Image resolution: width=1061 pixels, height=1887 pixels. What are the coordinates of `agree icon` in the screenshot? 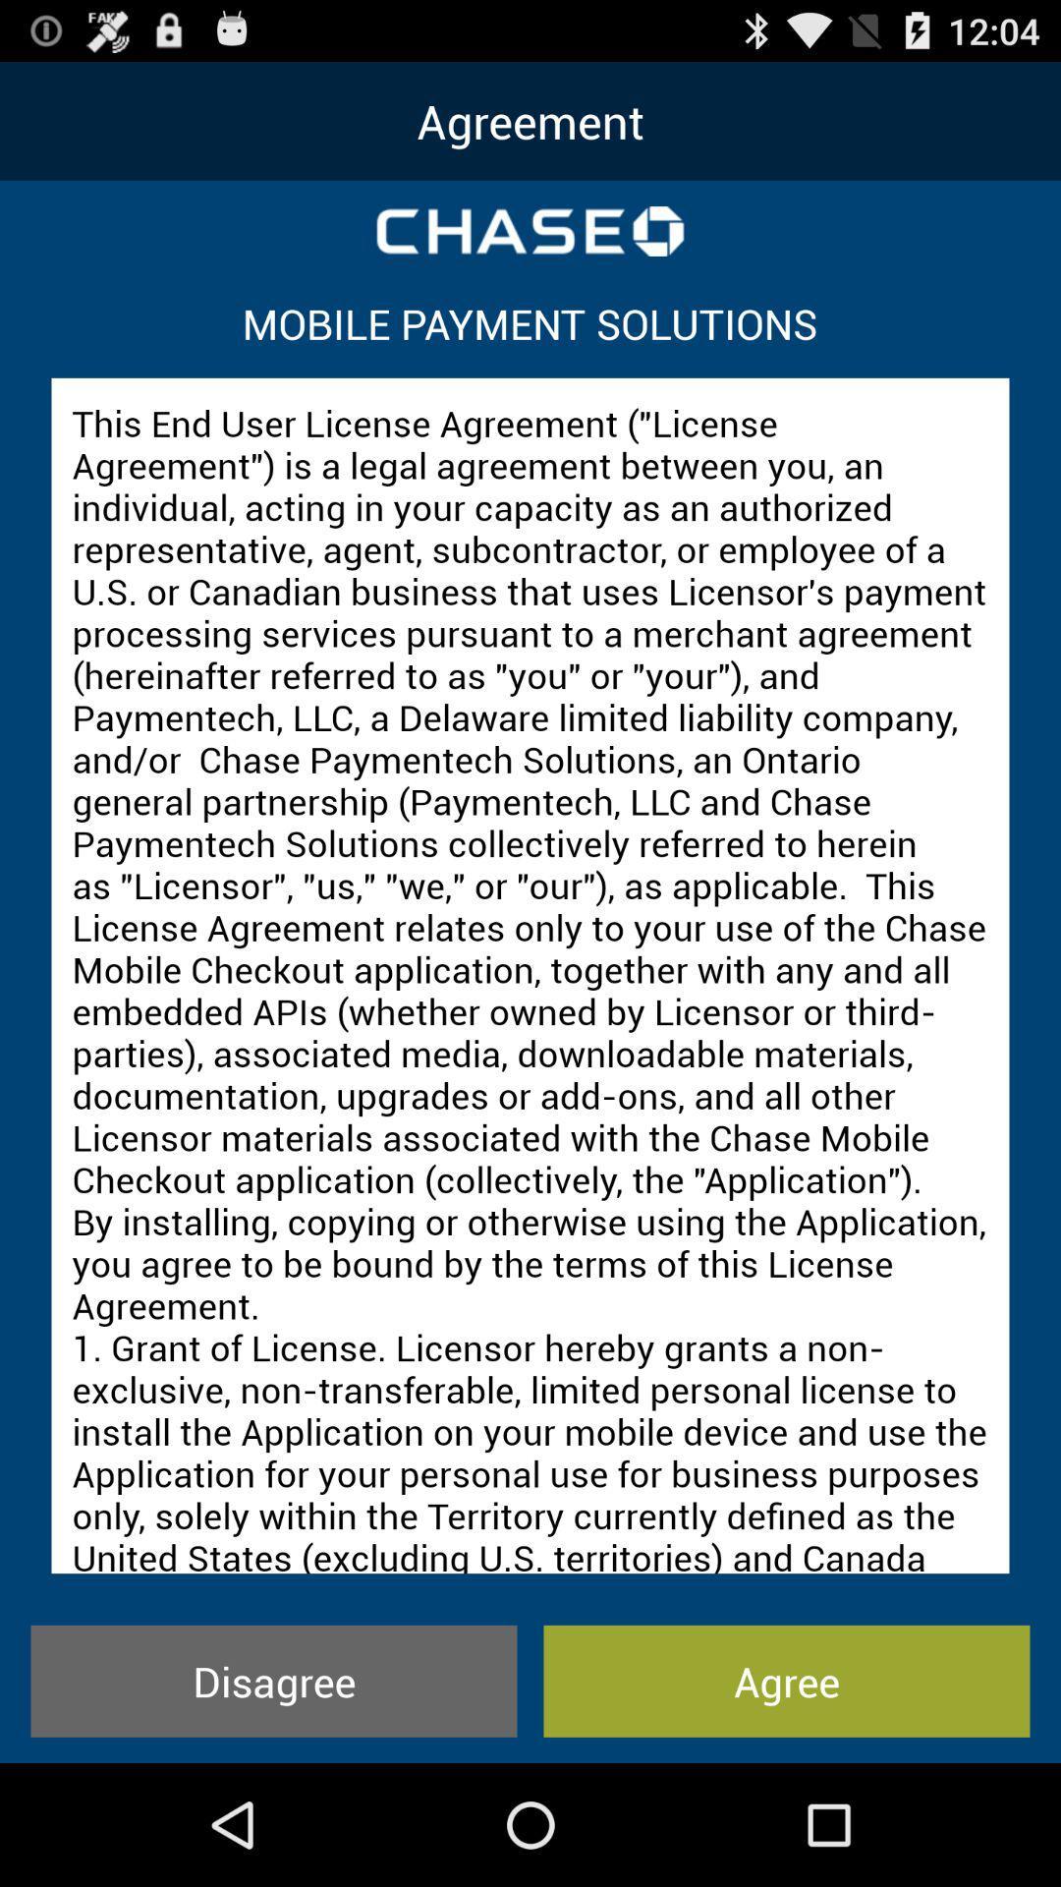 It's located at (786, 1680).